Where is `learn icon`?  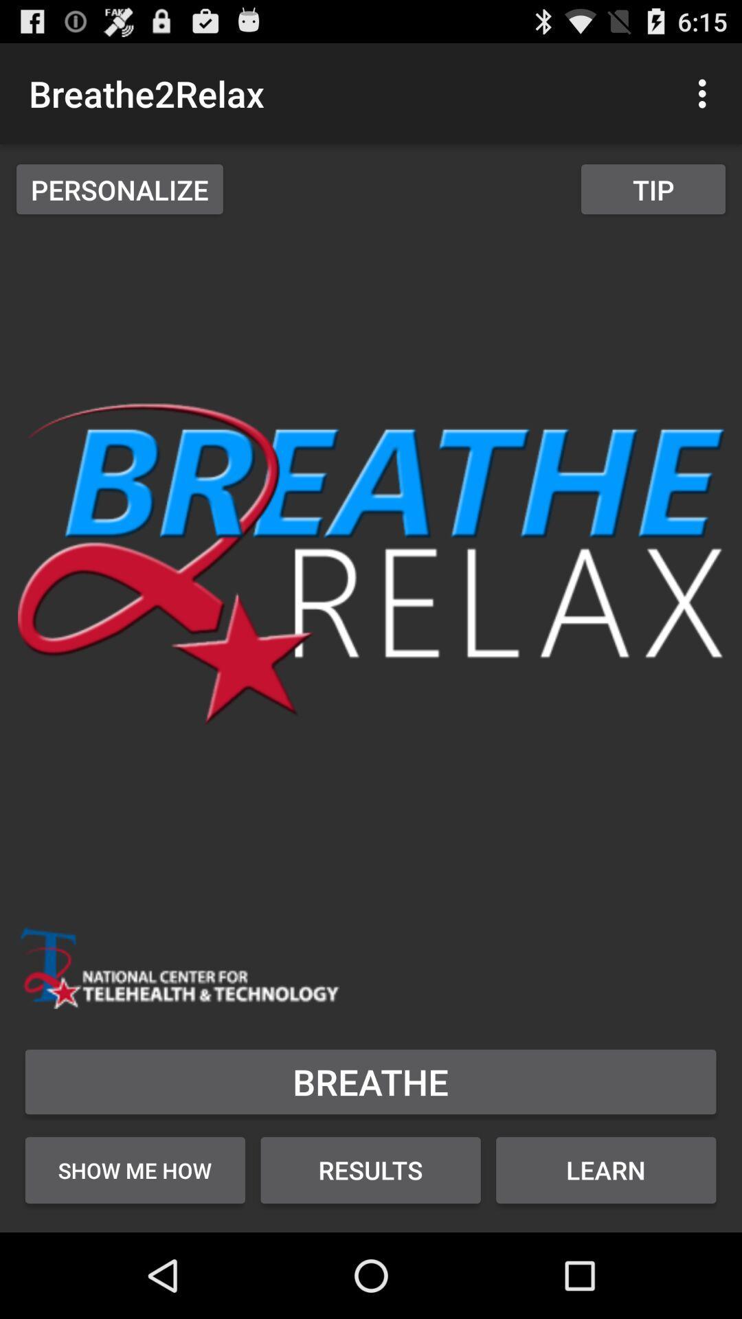
learn icon is located at coordinates (605, 1169).